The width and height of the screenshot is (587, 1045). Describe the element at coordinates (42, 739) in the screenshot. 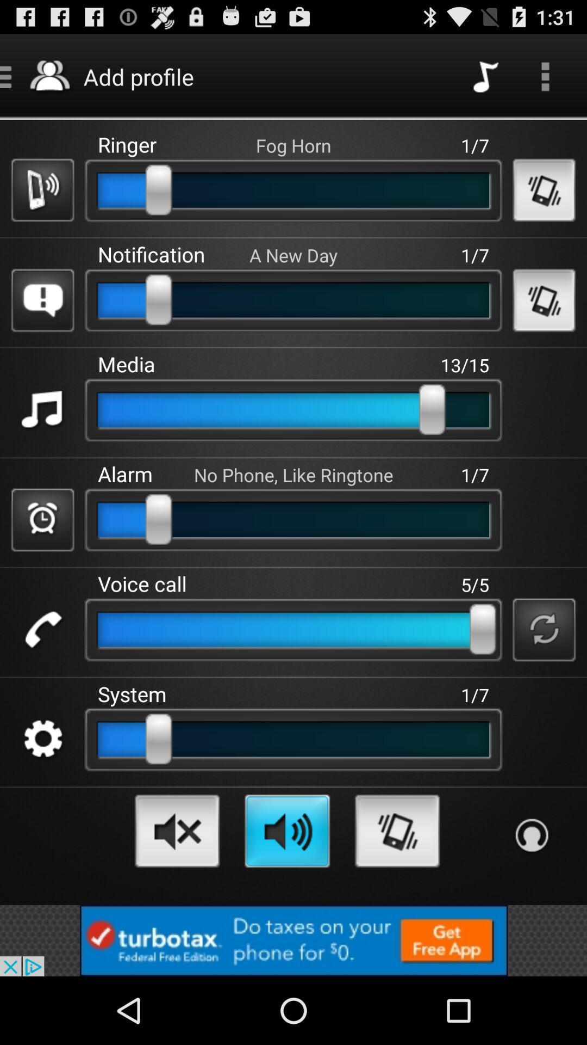

I see `setting switch` at that location.